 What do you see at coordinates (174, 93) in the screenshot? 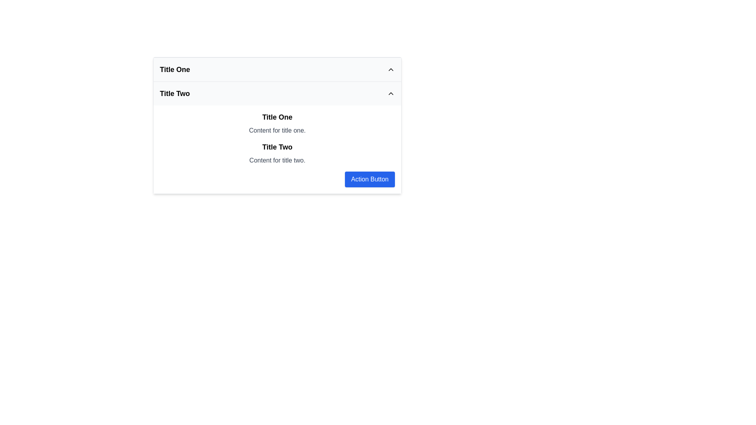
I see `the Text Label that serves as a header or title, located in the upper left area of a section below the 'Title One' label, adjacent to a chevron icon` at bounding box center [174, 93].